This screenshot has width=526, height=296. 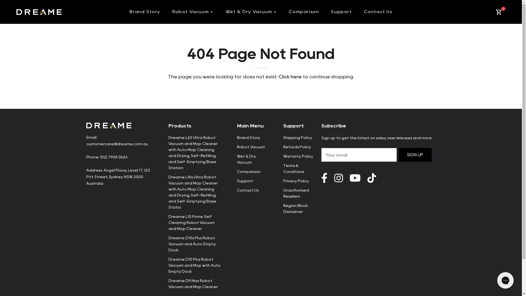 I want to click on 'SIGN UP', so click(x=415, y=155).